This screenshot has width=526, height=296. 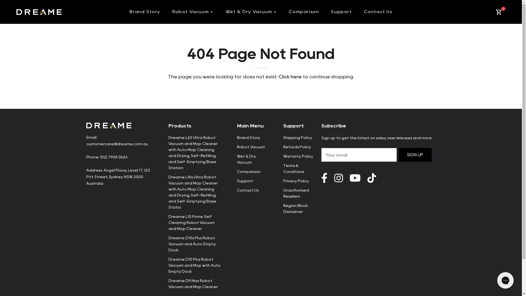 I want to click on 'SIGN UP', so click(x=415, y=155).